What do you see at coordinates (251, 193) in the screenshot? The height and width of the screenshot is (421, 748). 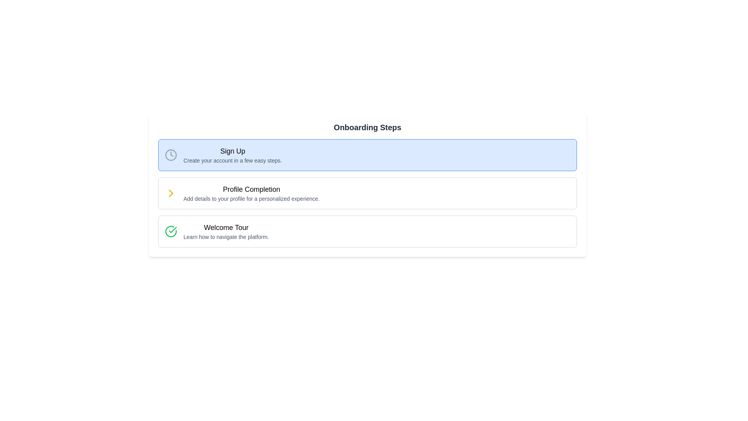 I see `the second option in the onboarding steps, which is the Textual informational block located underneath 'Sign Up' and above 'Welcome Tour'` at bounding box center [251, 193].